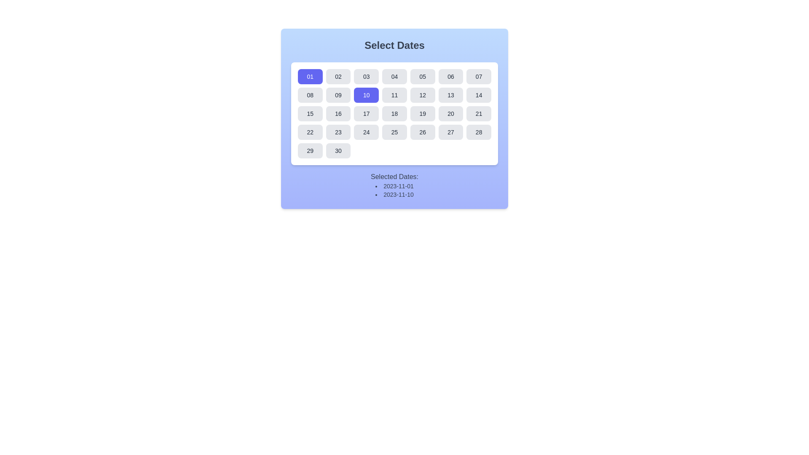  What do you see at coordinates (479, 132) in the screenshot?
I see `the date selection button for '28' in the calendar widget located in the last row and seventh column of the grid` at bounding box center [479, 132].